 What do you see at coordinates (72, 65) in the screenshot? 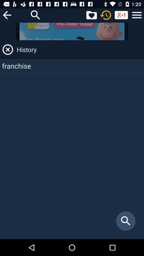
I see `the franchise app` at bounding box center [72, 65].